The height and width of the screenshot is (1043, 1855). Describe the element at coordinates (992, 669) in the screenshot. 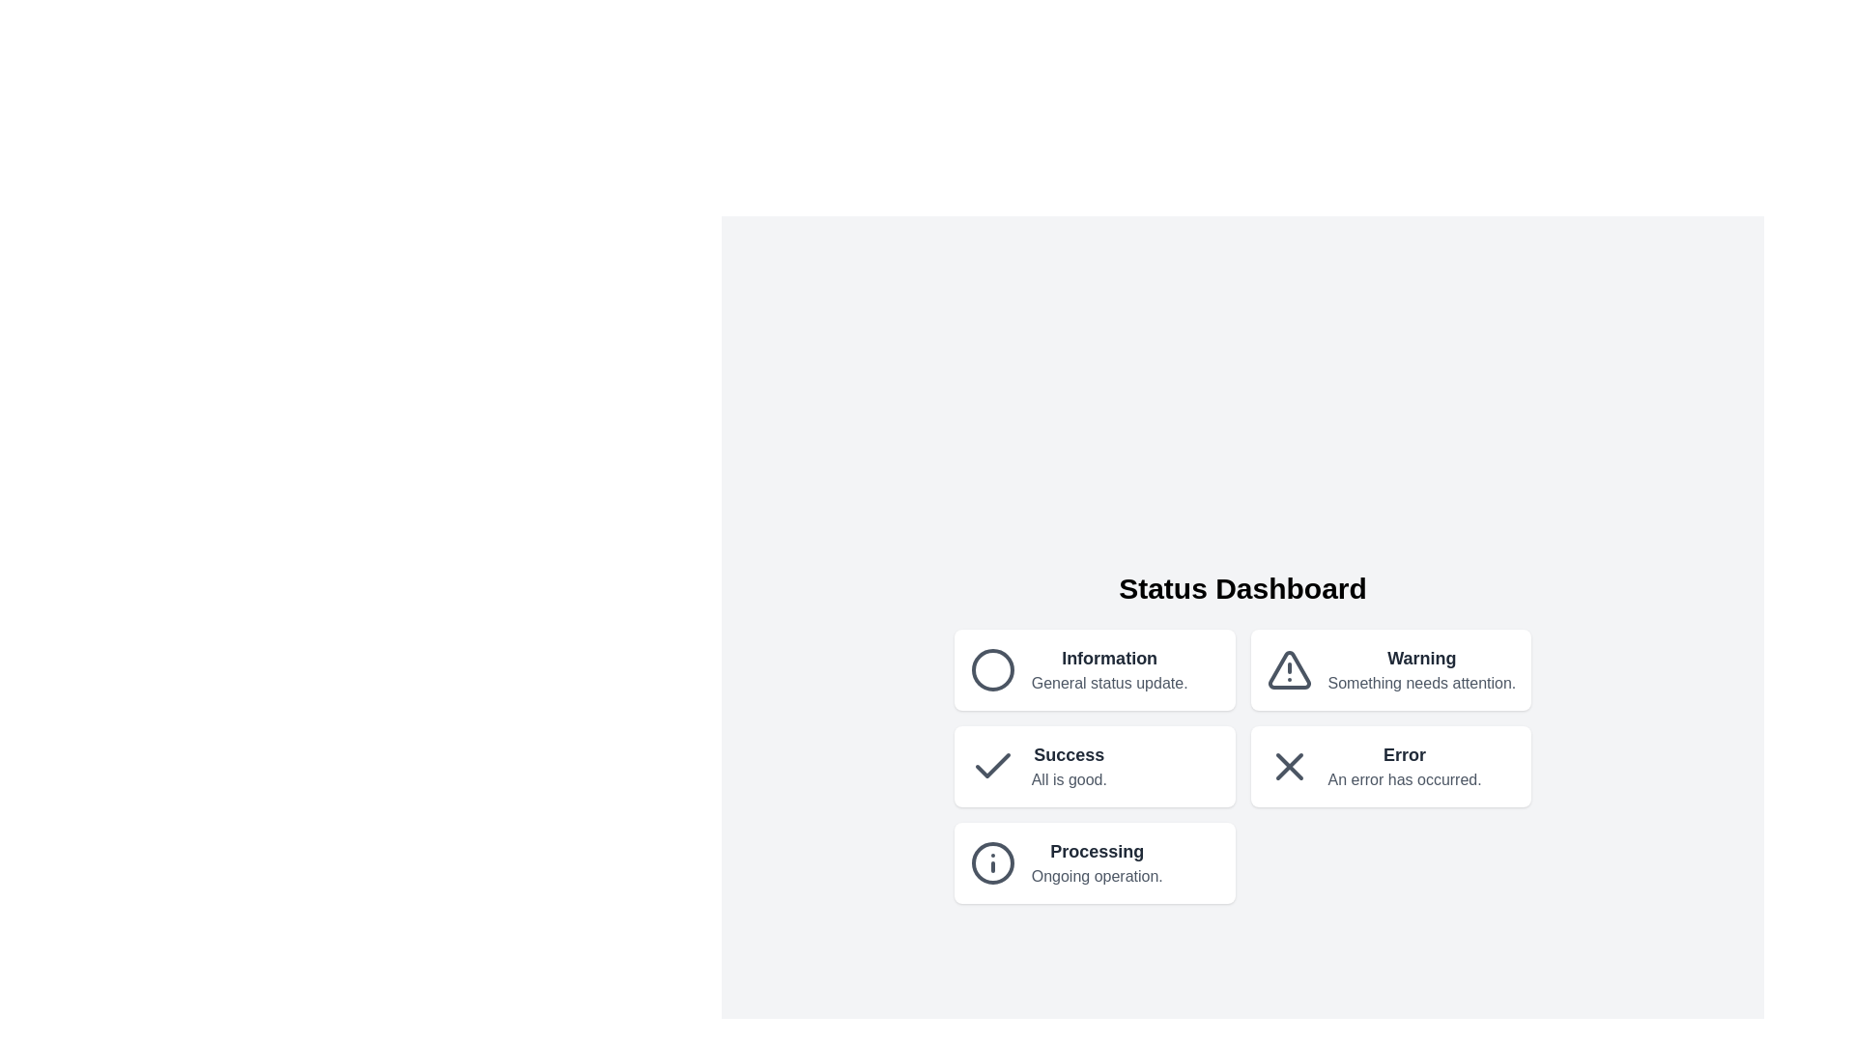

I see `the decorative inner circle of the 'Information' status graphic element located in the top-left tile of the 'Status Dashboard'` at that location.